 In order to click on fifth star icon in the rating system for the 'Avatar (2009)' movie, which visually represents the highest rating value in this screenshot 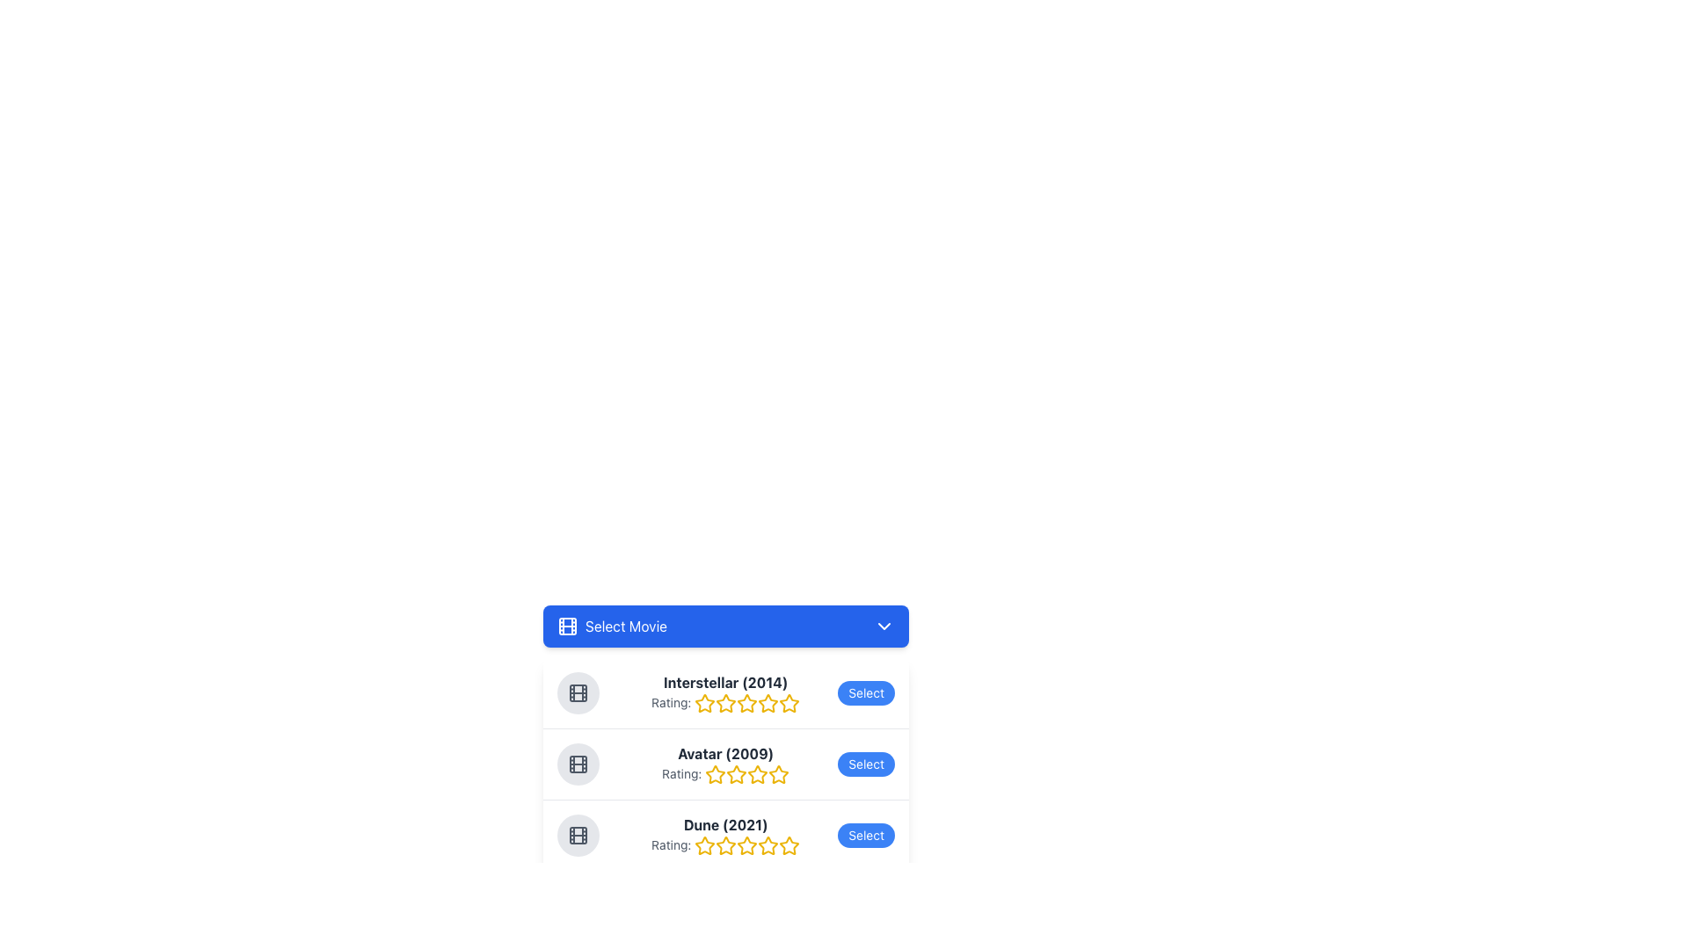, I will do `click(778, 774)`.